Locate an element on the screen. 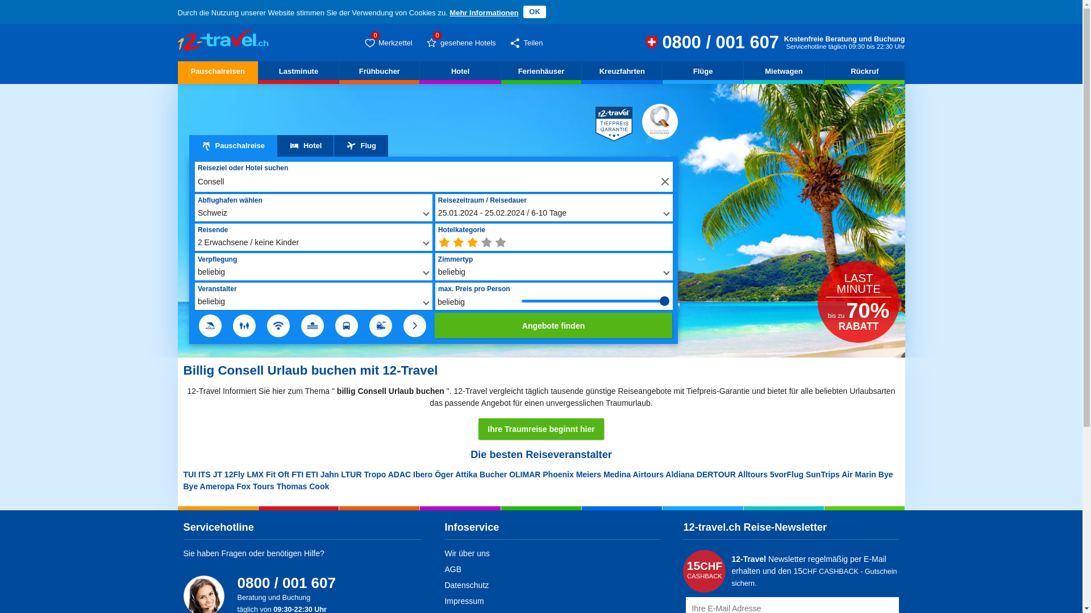 This screenshot has height=613, width=1091. 'LTUR' is located at coordinates (351, 475).